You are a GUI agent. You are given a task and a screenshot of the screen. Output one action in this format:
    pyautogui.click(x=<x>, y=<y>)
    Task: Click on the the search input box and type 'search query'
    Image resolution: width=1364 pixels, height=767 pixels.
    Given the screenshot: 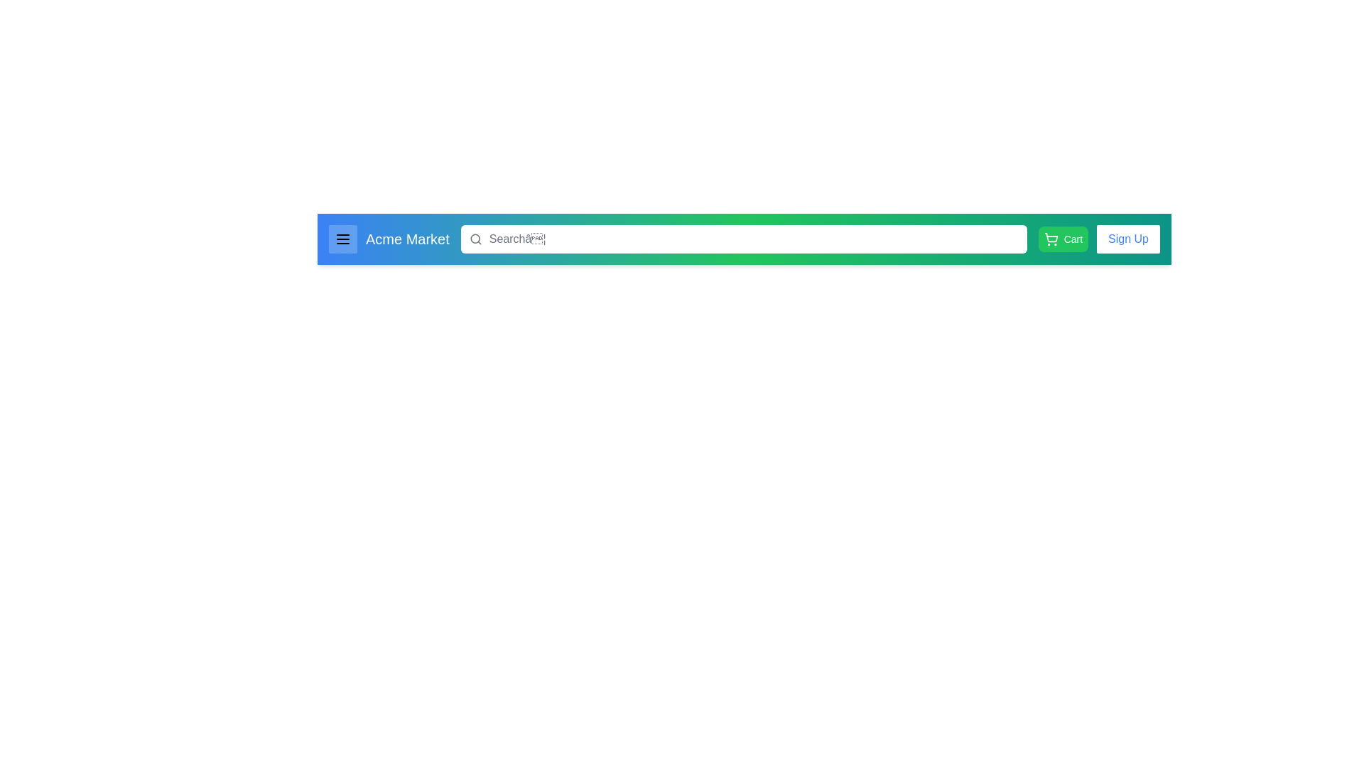 What is the action you would take?
    pyautogui.click(x=742, y=238)
    